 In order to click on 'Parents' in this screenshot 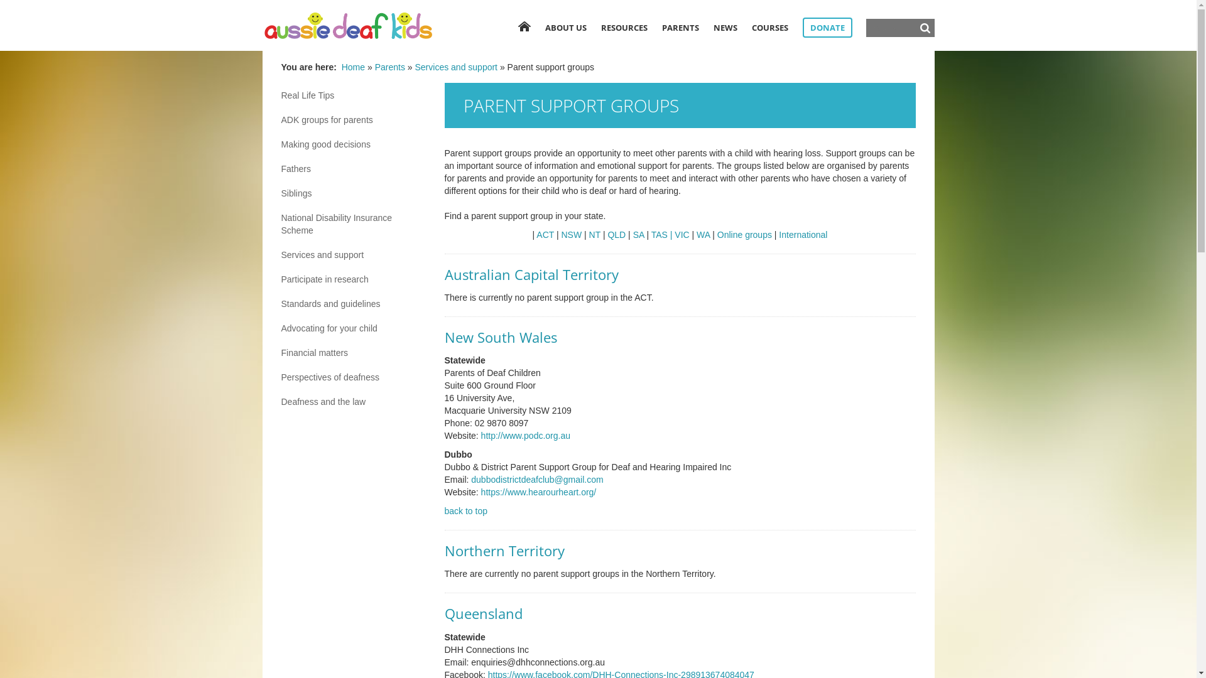, I will do `click(389, 67)`.